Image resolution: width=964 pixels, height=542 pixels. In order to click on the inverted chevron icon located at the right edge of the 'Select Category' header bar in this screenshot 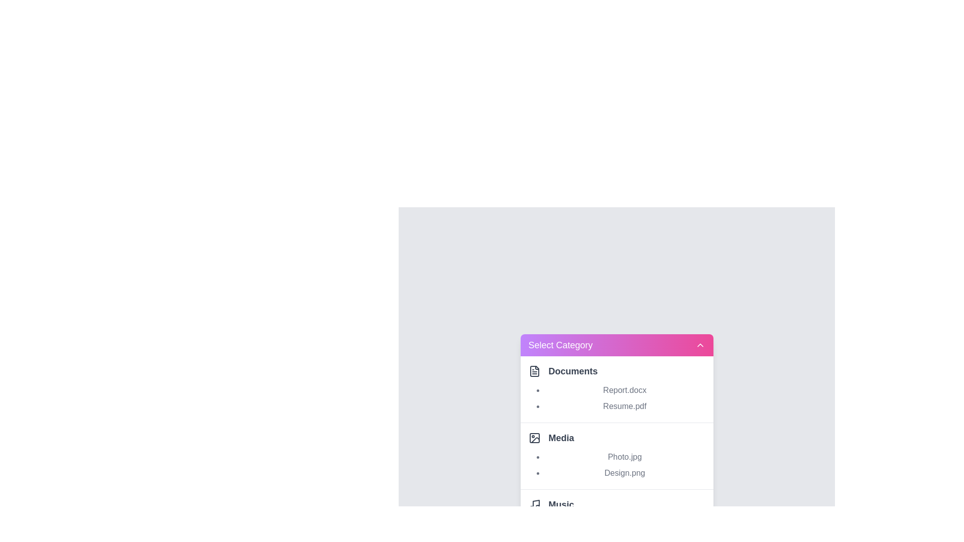, I will do `click(699, 344)`.